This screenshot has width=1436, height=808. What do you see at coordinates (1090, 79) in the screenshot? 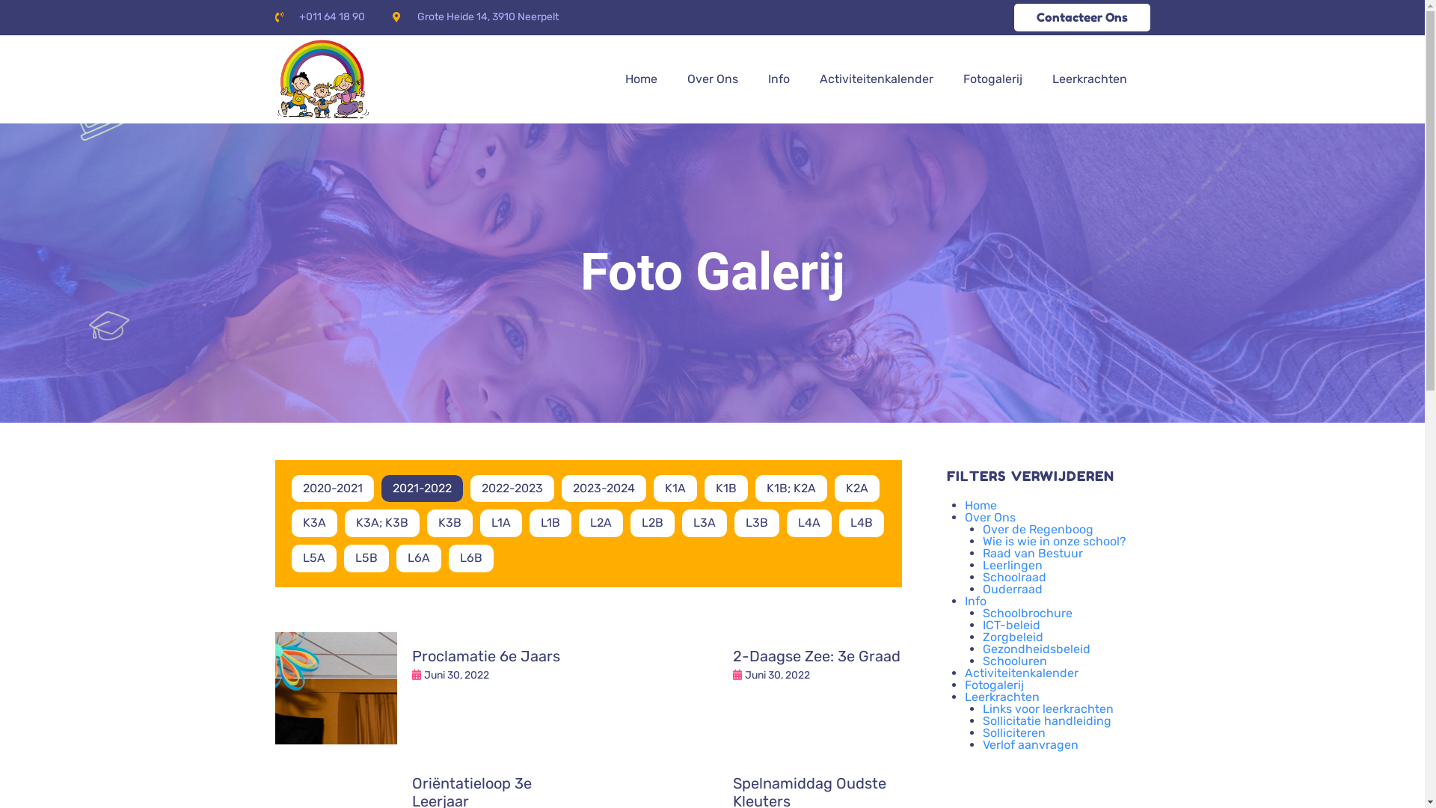
I see `'Leerkrachten'` at bounding box center [1090, 79].